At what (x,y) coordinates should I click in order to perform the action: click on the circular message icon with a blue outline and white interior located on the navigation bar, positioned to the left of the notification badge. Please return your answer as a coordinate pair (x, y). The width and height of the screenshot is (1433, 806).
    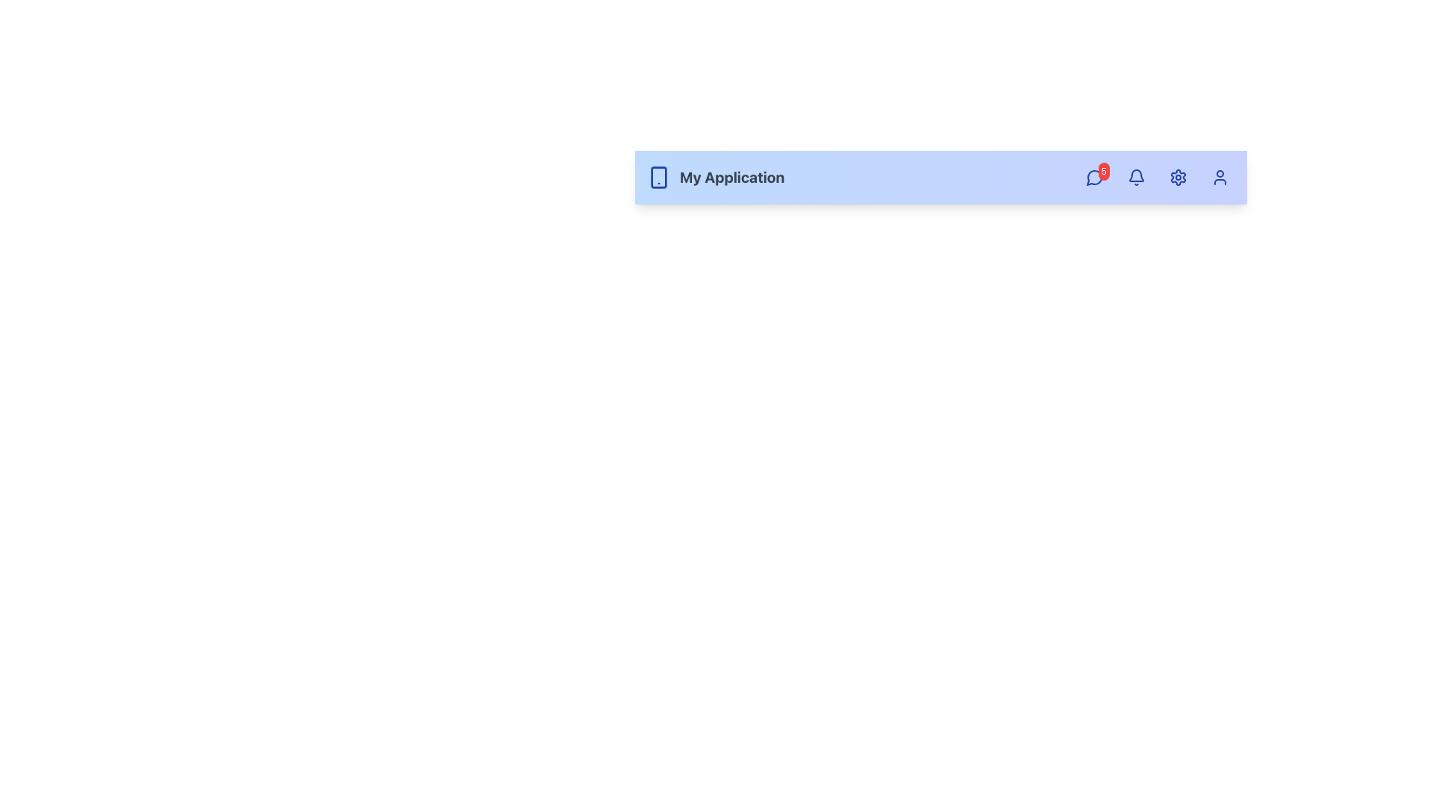
    Looking at the image, I should click on (1095, 177).